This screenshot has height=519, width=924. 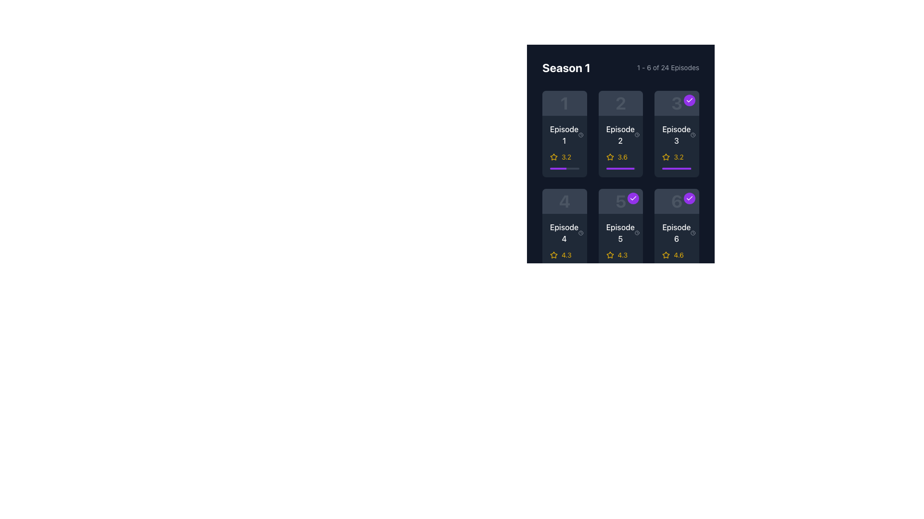 What do you see at coordinates (620, 135) in the screenshot?
I see `the Text label indicating 'Episode 2' located in the second column and first row of the grid, positioned above a '3.6' rating and below the episode icon` at bounding box center [620, 135].